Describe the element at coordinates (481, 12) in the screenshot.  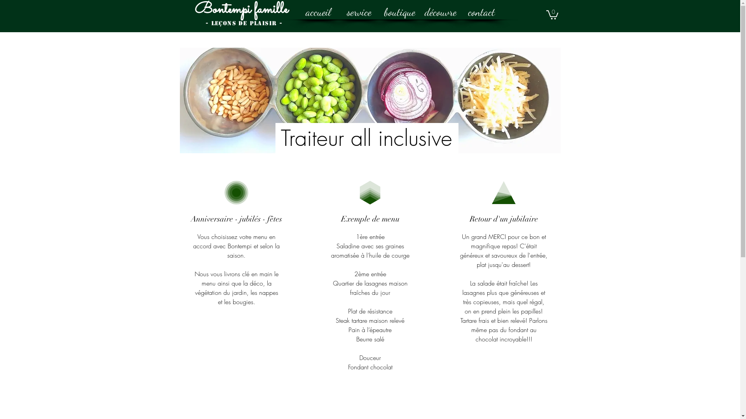
I see `'contact'` at that location.